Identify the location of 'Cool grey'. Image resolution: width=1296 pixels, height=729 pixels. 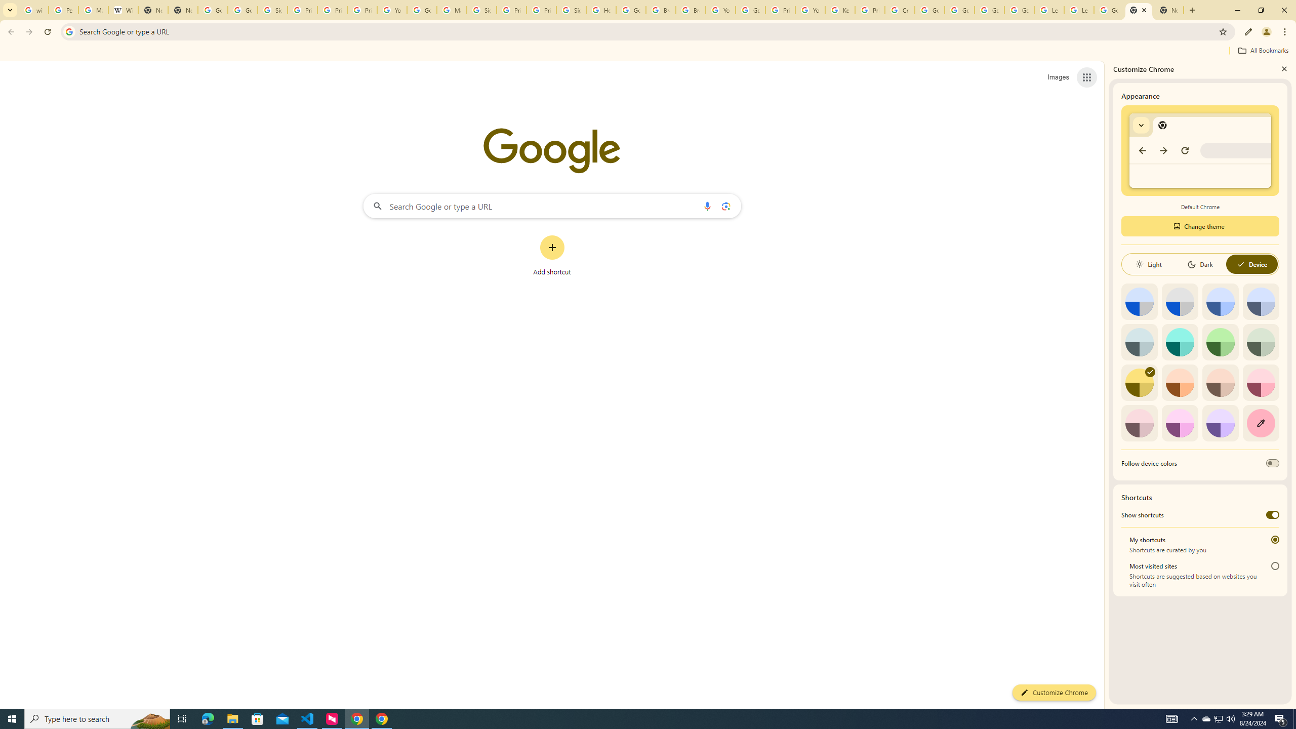
(1261, 301).